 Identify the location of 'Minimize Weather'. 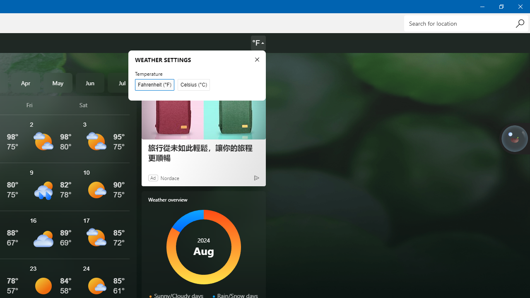
(482, 6).